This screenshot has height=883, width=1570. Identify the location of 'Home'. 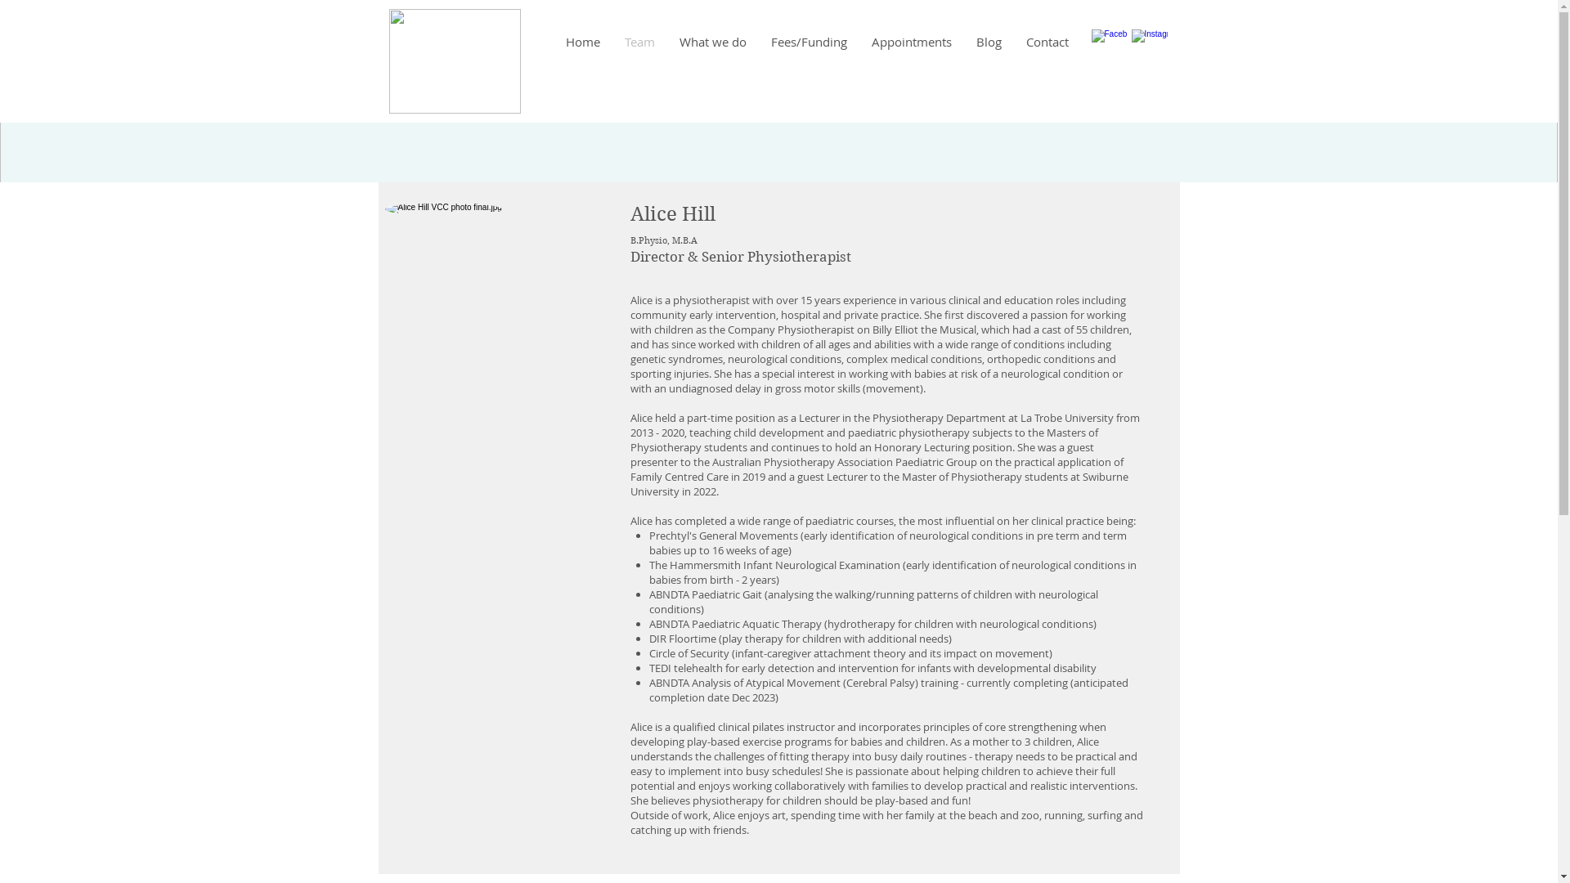
(581, 40).